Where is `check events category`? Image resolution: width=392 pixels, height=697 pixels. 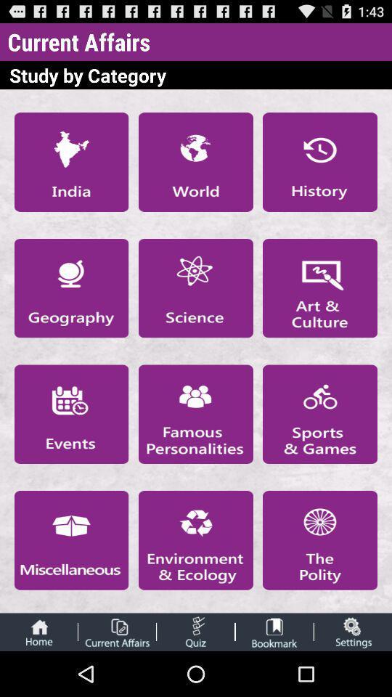 check events category is located at coordinates (70, 414).